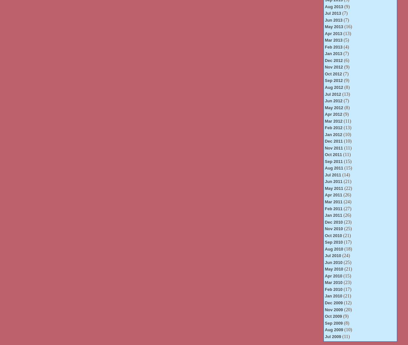  I want to click on 'Dec 2011', so click(333, 141).